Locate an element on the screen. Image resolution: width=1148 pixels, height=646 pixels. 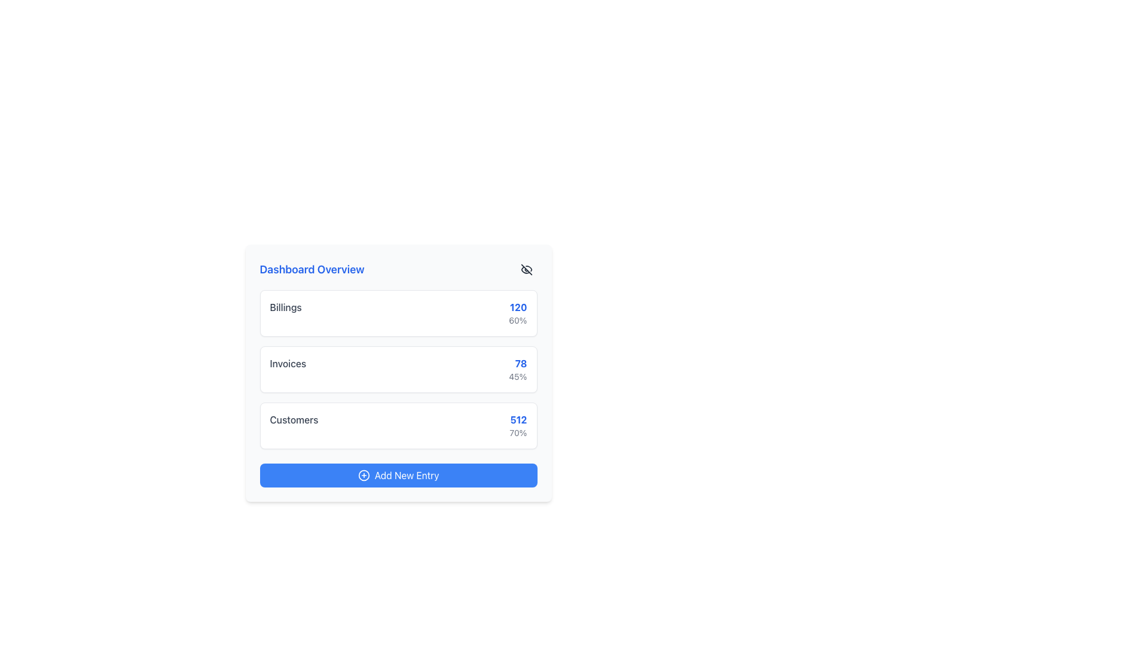
the numeric value displaying the 'Customers' metric located in the dashboard, positioned at the right side of the 'Customers' row, above the '70%' percentage text is located at coordinates (518, 419).